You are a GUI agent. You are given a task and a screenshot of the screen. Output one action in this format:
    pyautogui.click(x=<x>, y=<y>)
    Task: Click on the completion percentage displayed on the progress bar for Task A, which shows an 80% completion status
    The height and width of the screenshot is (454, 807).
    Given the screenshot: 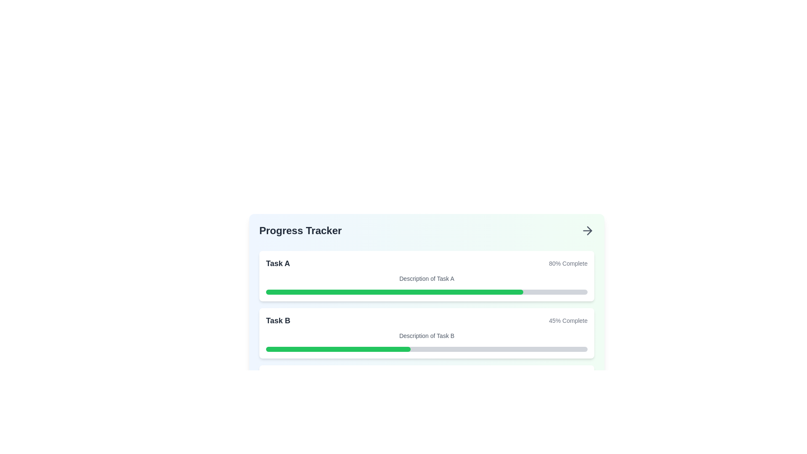 What is the action you would take?
    pyautogui.click(x=427, y=286)
    